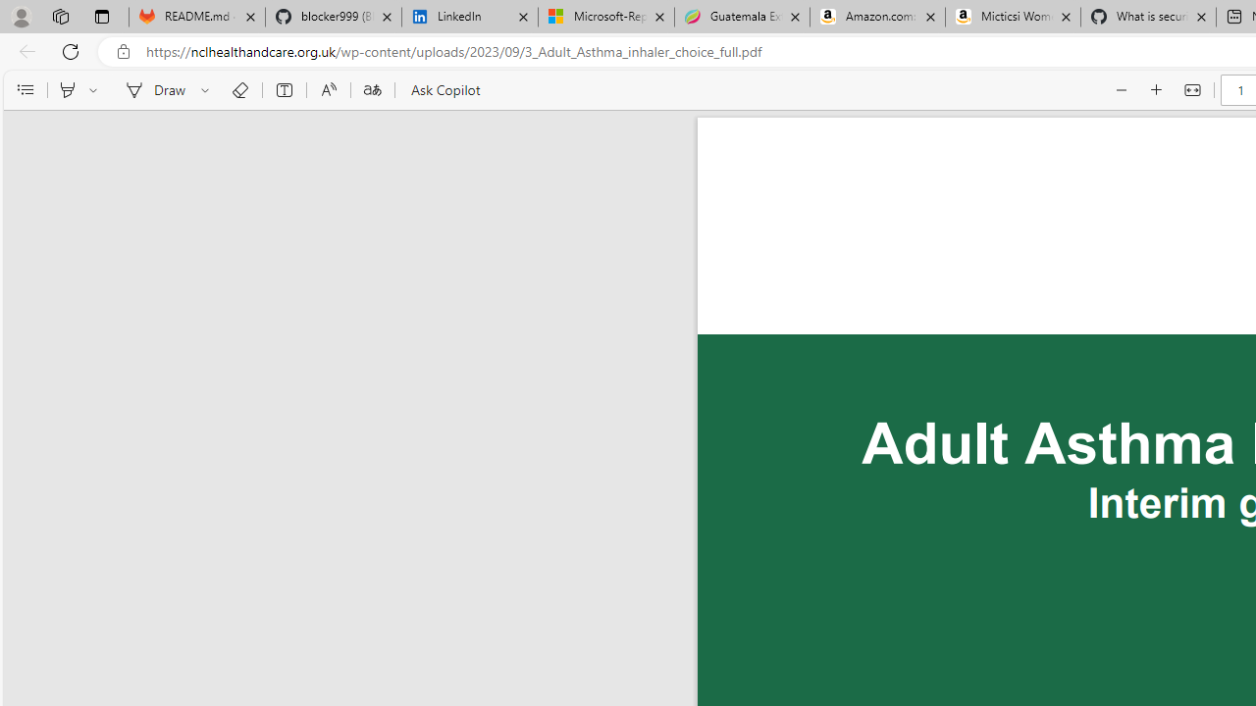  What do you see at coordinates (468, 17) in the screenshot?
I see `'LinkedIn'` at bounding box center [468, 17].